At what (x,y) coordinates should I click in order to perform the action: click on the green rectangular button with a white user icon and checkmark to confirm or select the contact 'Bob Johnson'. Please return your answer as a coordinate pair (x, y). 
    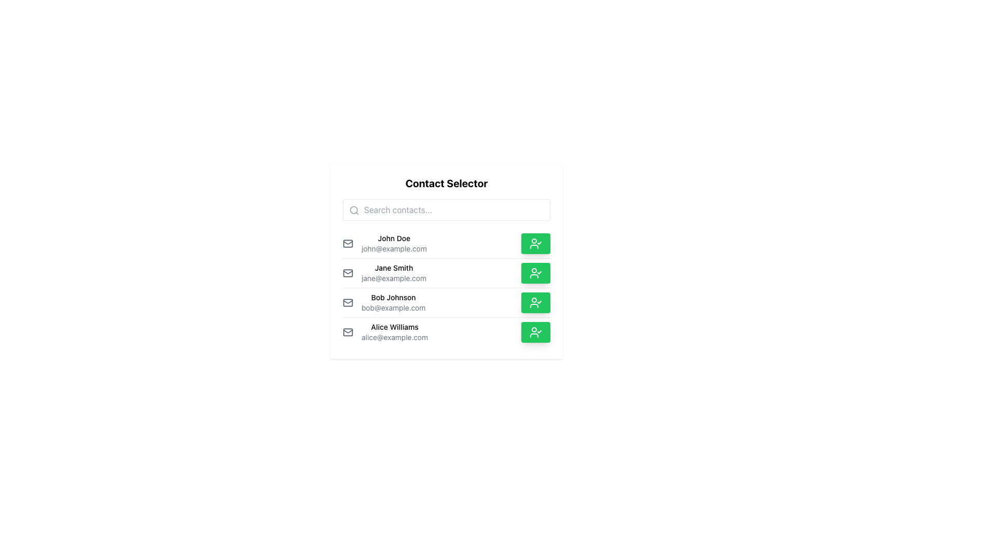
    Looking at the image, I should click on (535, 302).